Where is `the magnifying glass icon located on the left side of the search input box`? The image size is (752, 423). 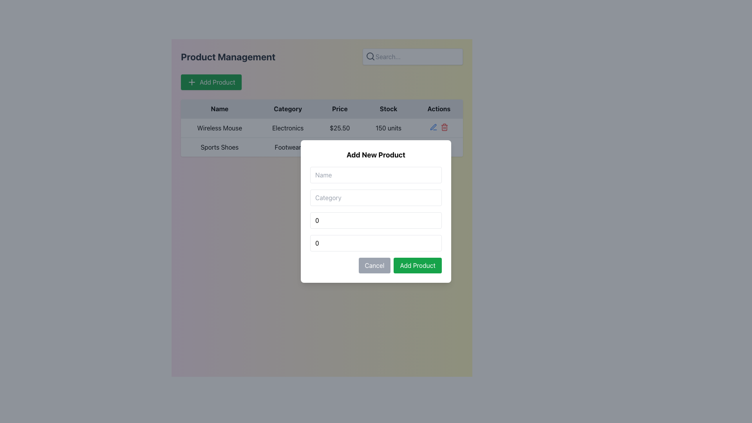 the magnifying glass icon located on the left side of the search input box is located at coordinates (370, 56).